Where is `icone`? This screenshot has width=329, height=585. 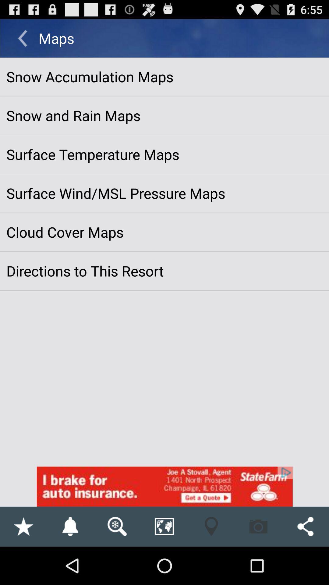
icone is located at coordinates (164, 486).